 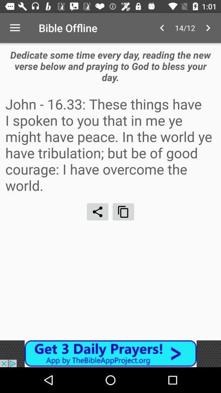 What do you see at coordinates (123, 211) in the screenshot?
I see `window options` at bounding box center [123, 211].